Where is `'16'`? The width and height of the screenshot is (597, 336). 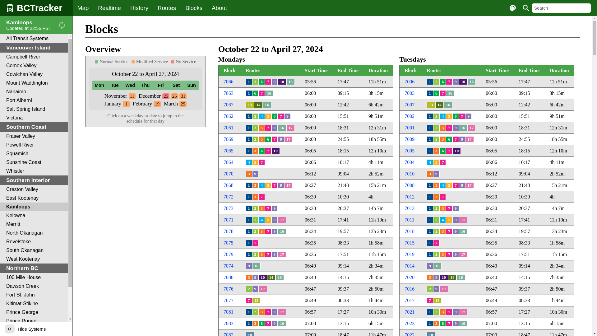
'16' is located at coordinates (460, 277).